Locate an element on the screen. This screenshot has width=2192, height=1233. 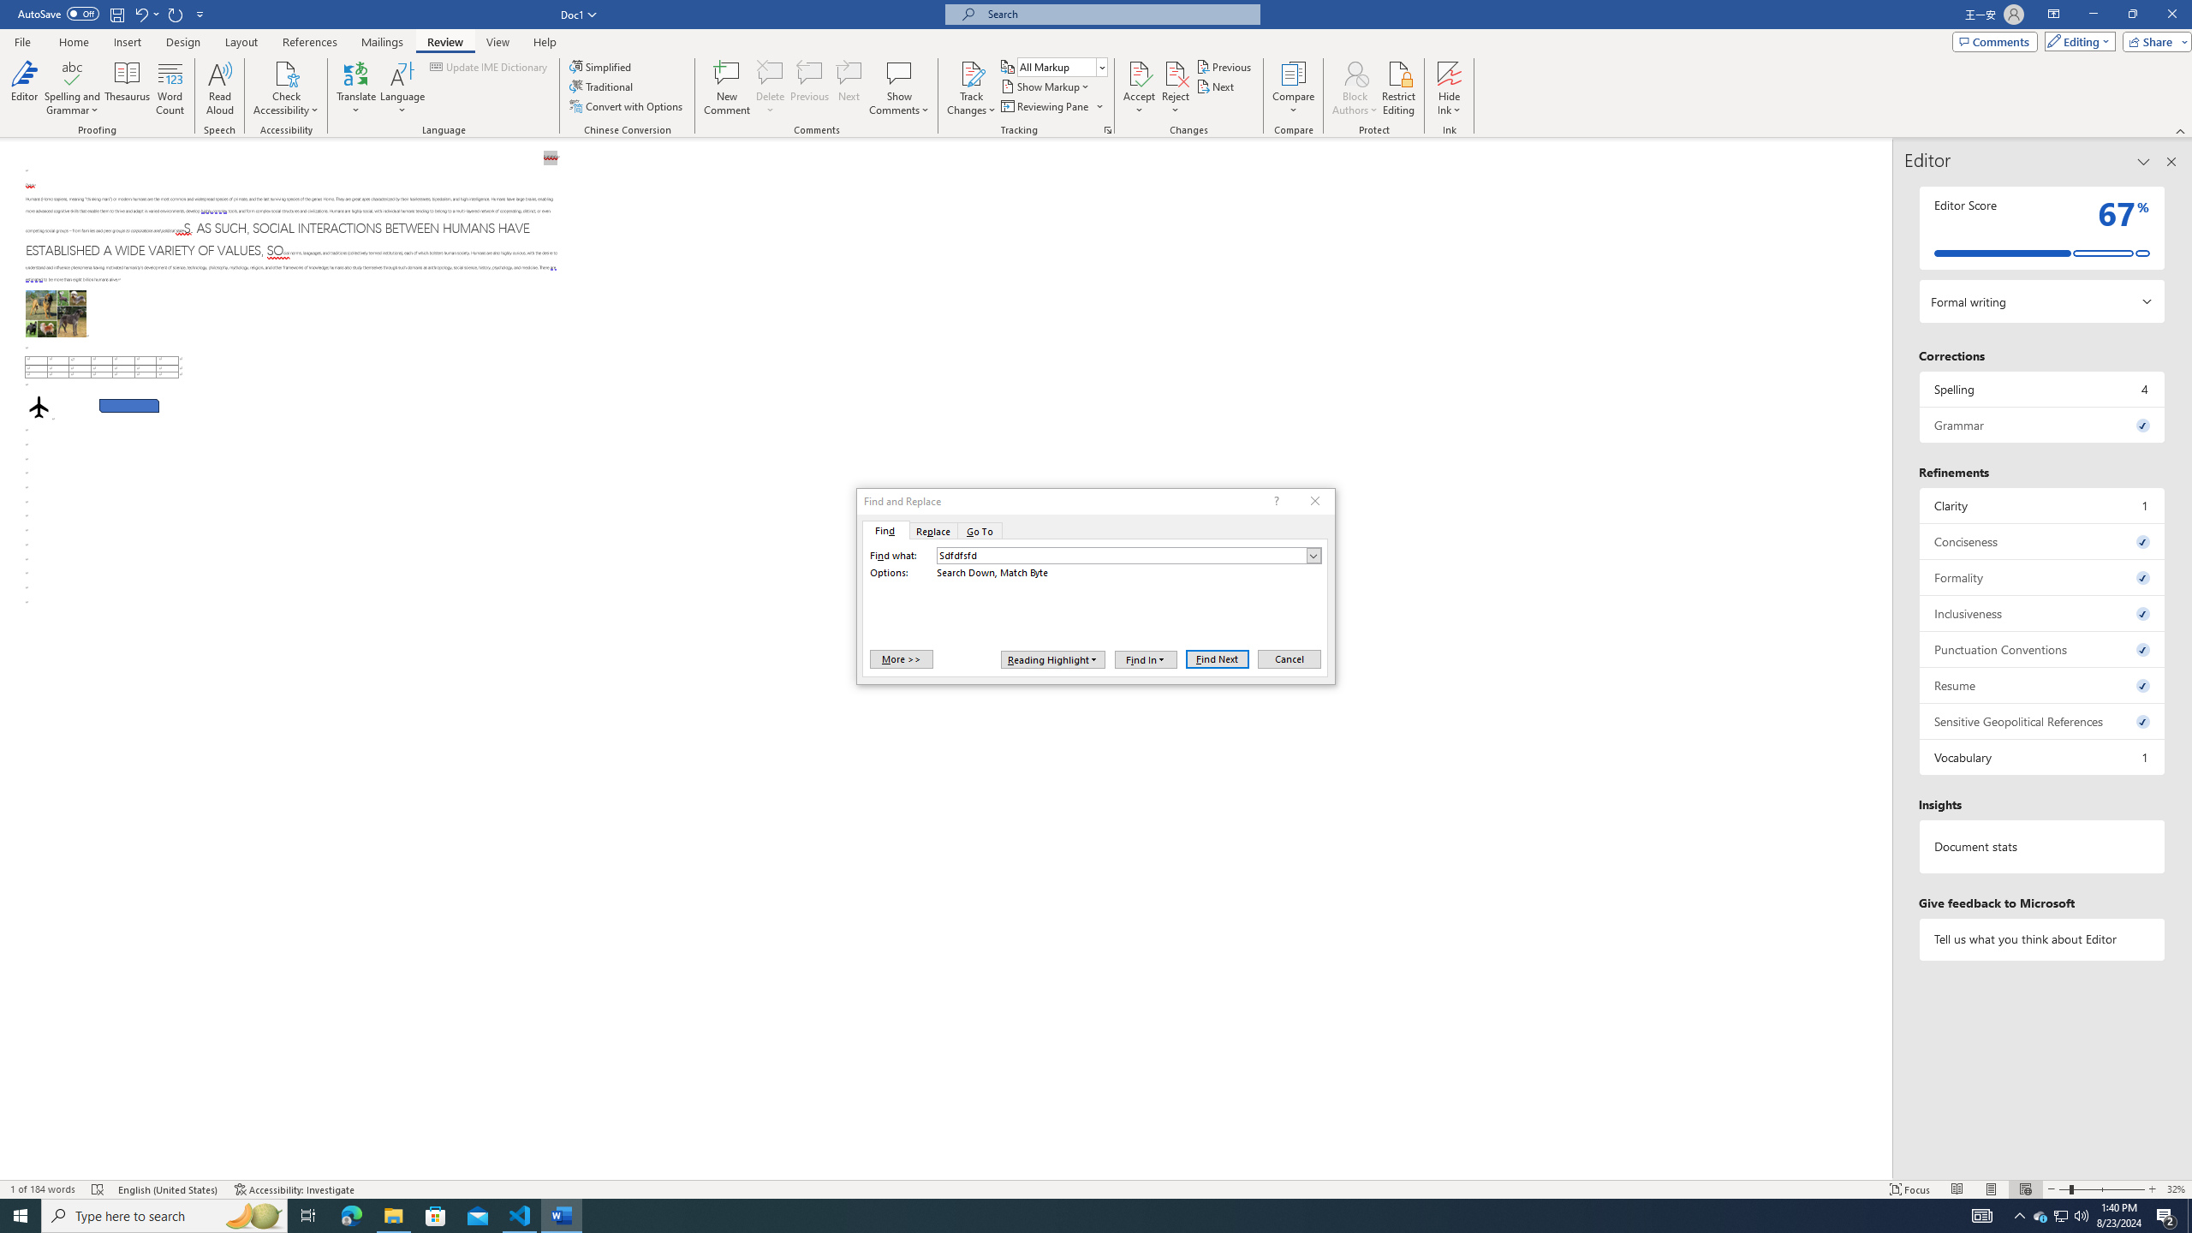
'Reviewing Pane' is located at coordinates (1051, 104).